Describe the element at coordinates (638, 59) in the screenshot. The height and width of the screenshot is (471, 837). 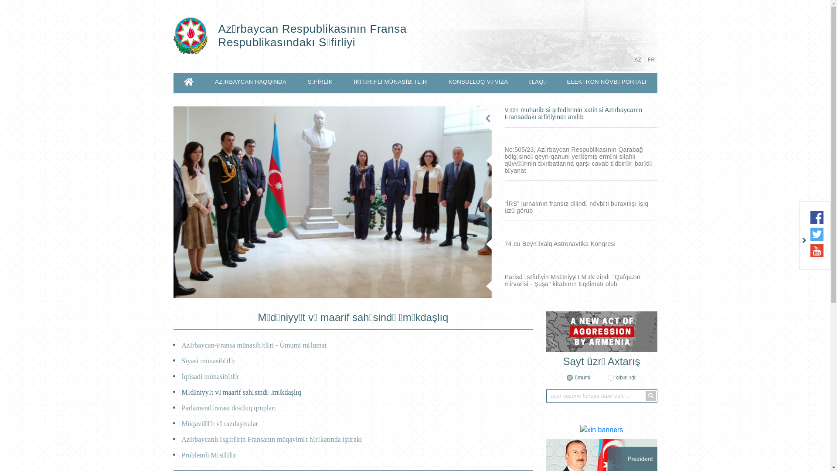
I see `'AZ'` at that location.